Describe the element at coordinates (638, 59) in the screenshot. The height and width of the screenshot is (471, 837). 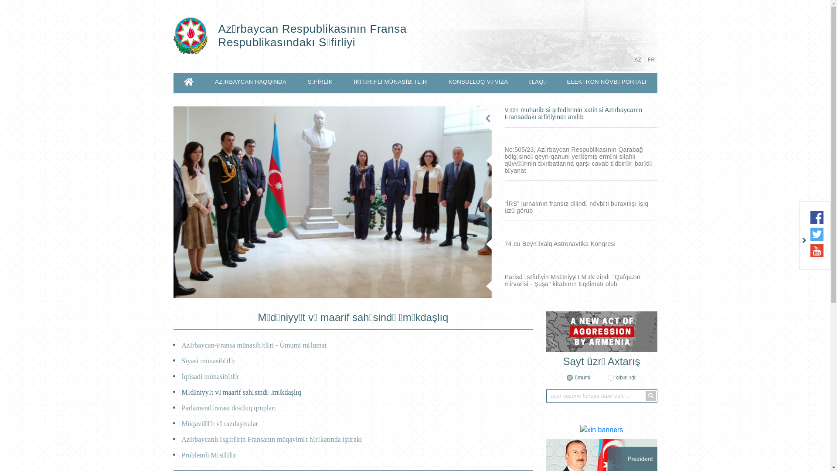
I see `'AZ'` at that location.